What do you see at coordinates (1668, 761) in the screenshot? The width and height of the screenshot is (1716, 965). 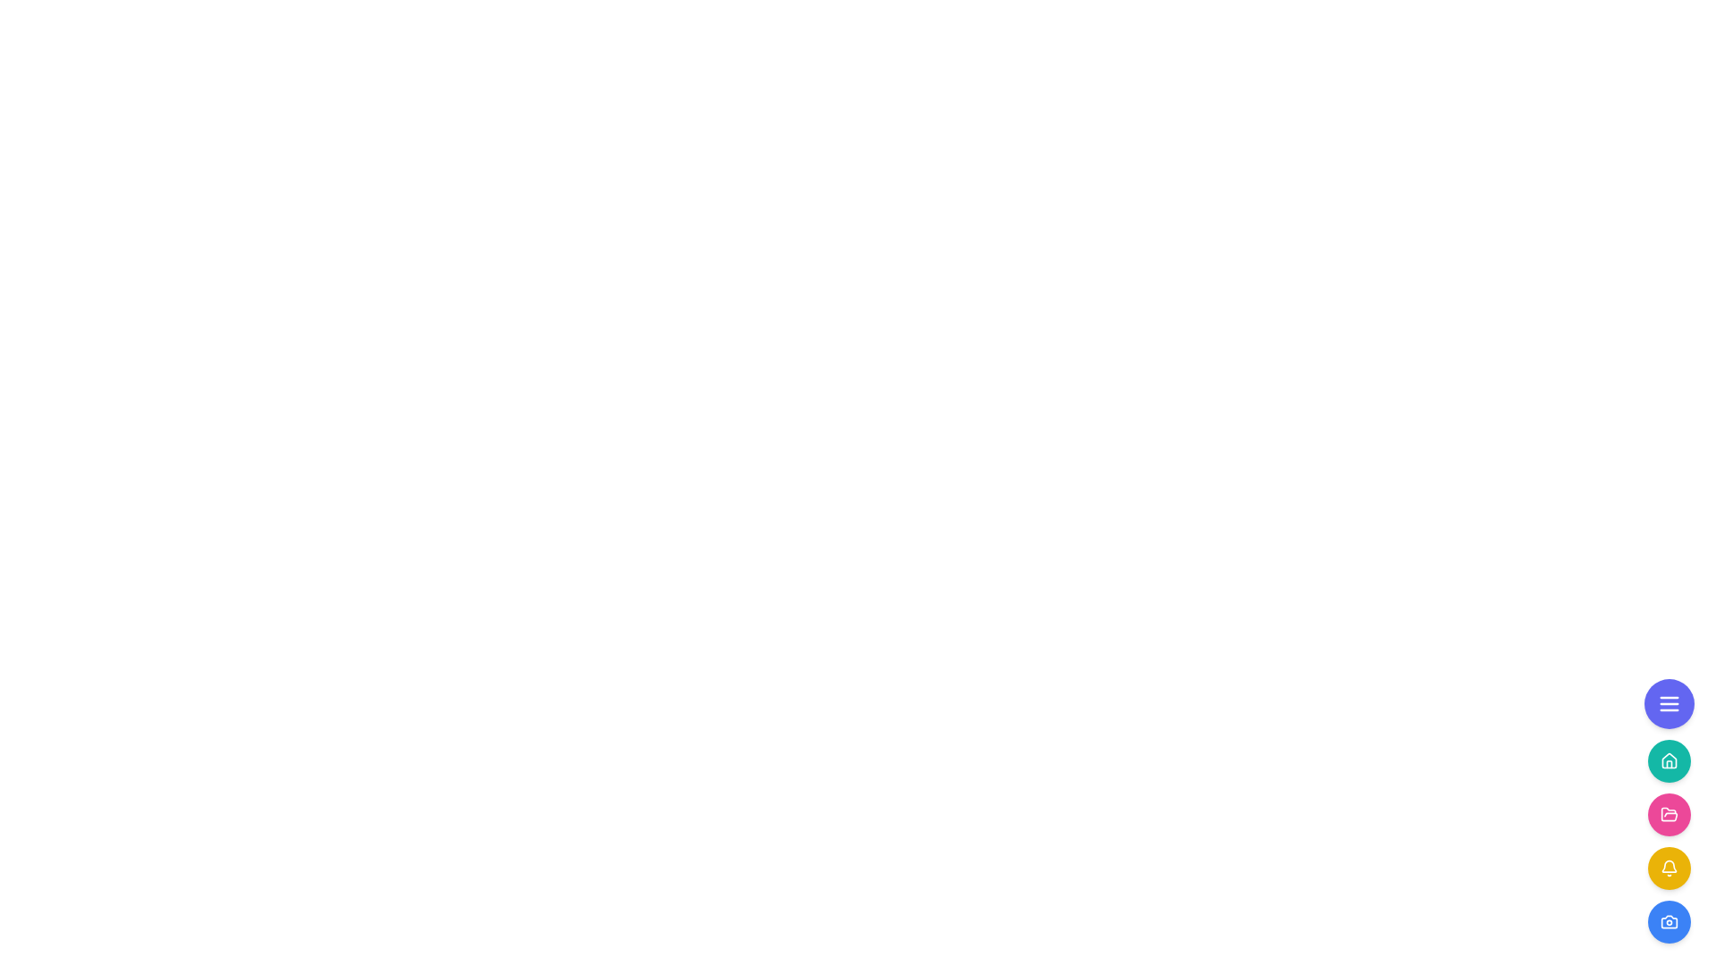 I see `the house icon button with a teal background` at bounding box center [1668, 761].